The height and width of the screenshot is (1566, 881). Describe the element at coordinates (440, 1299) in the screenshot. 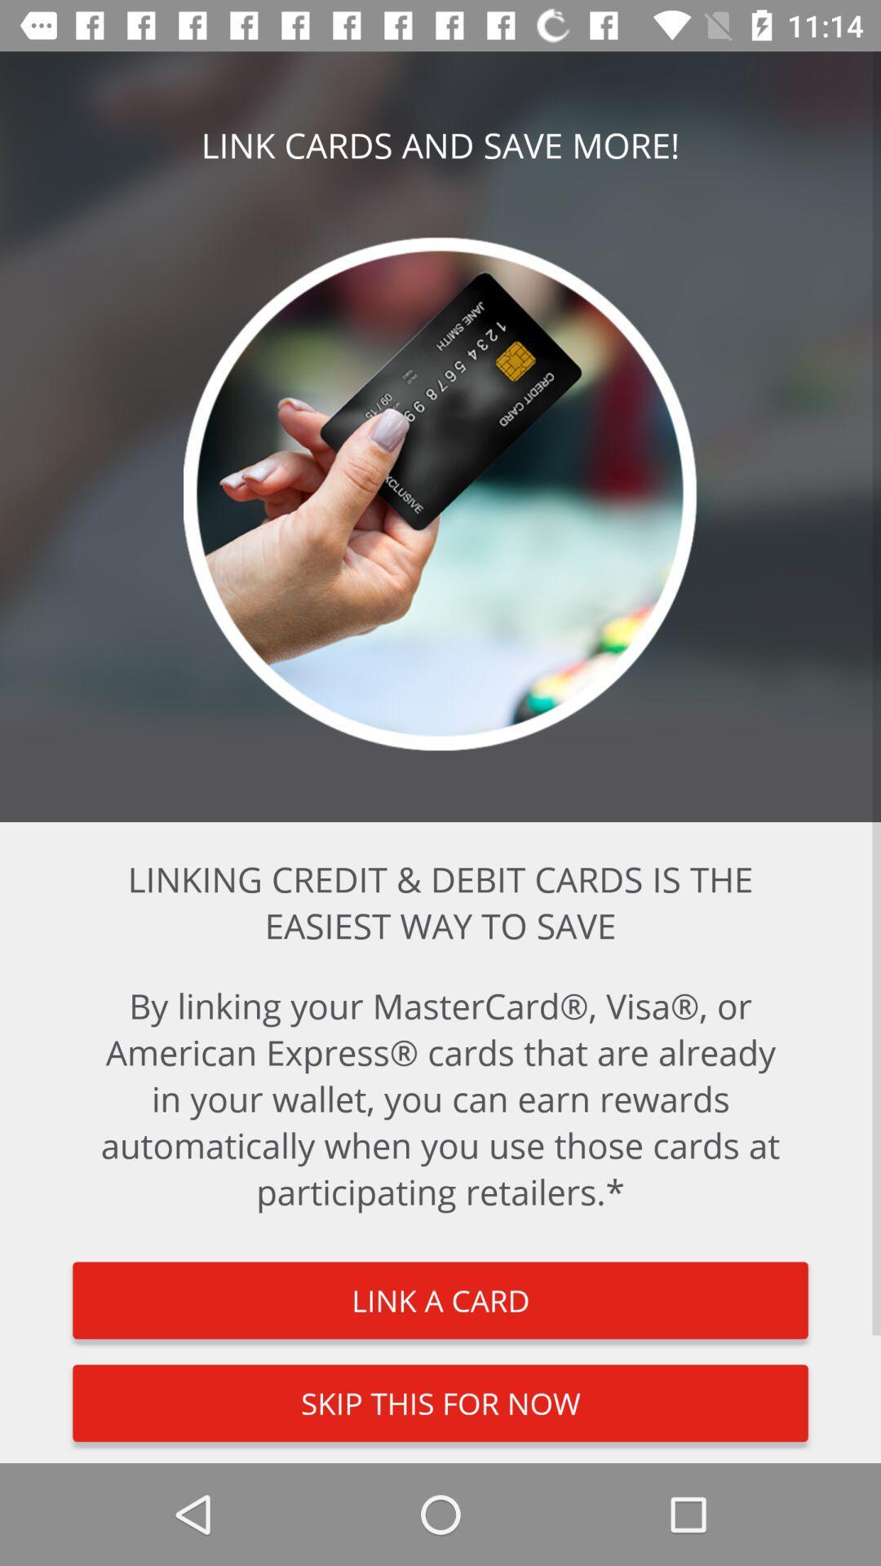

I see `link a card` at that location.